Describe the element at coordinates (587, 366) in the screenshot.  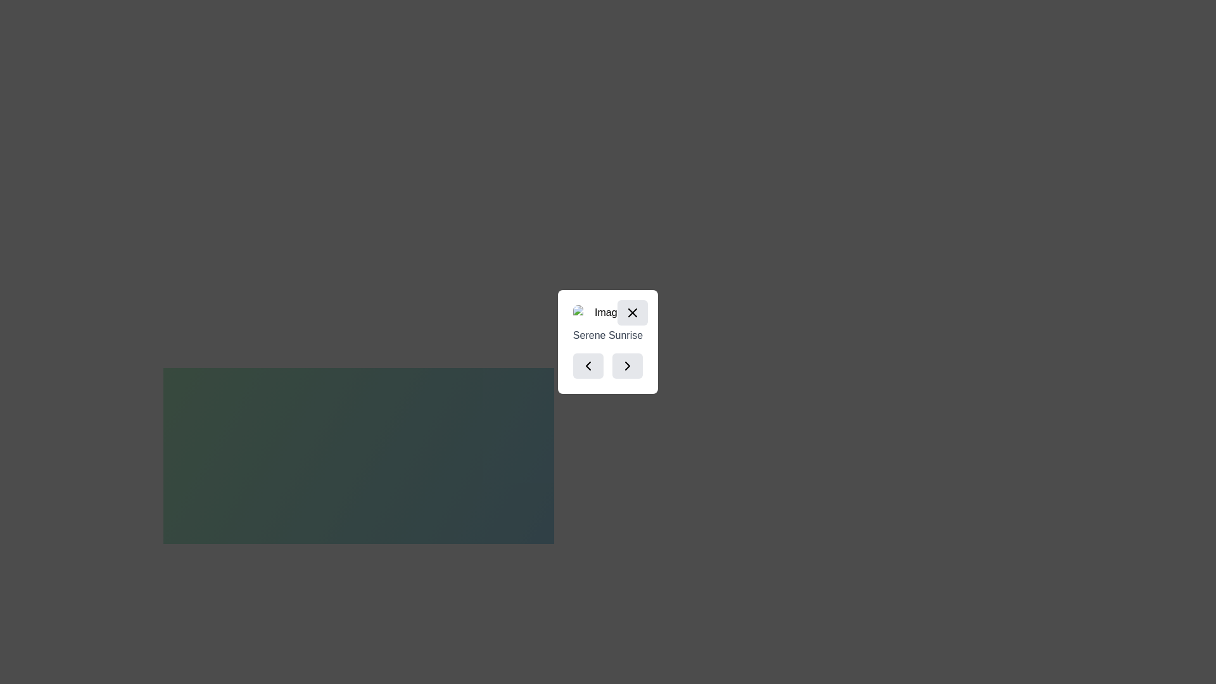
I see `the gray button with a left chevron icon` at that location.